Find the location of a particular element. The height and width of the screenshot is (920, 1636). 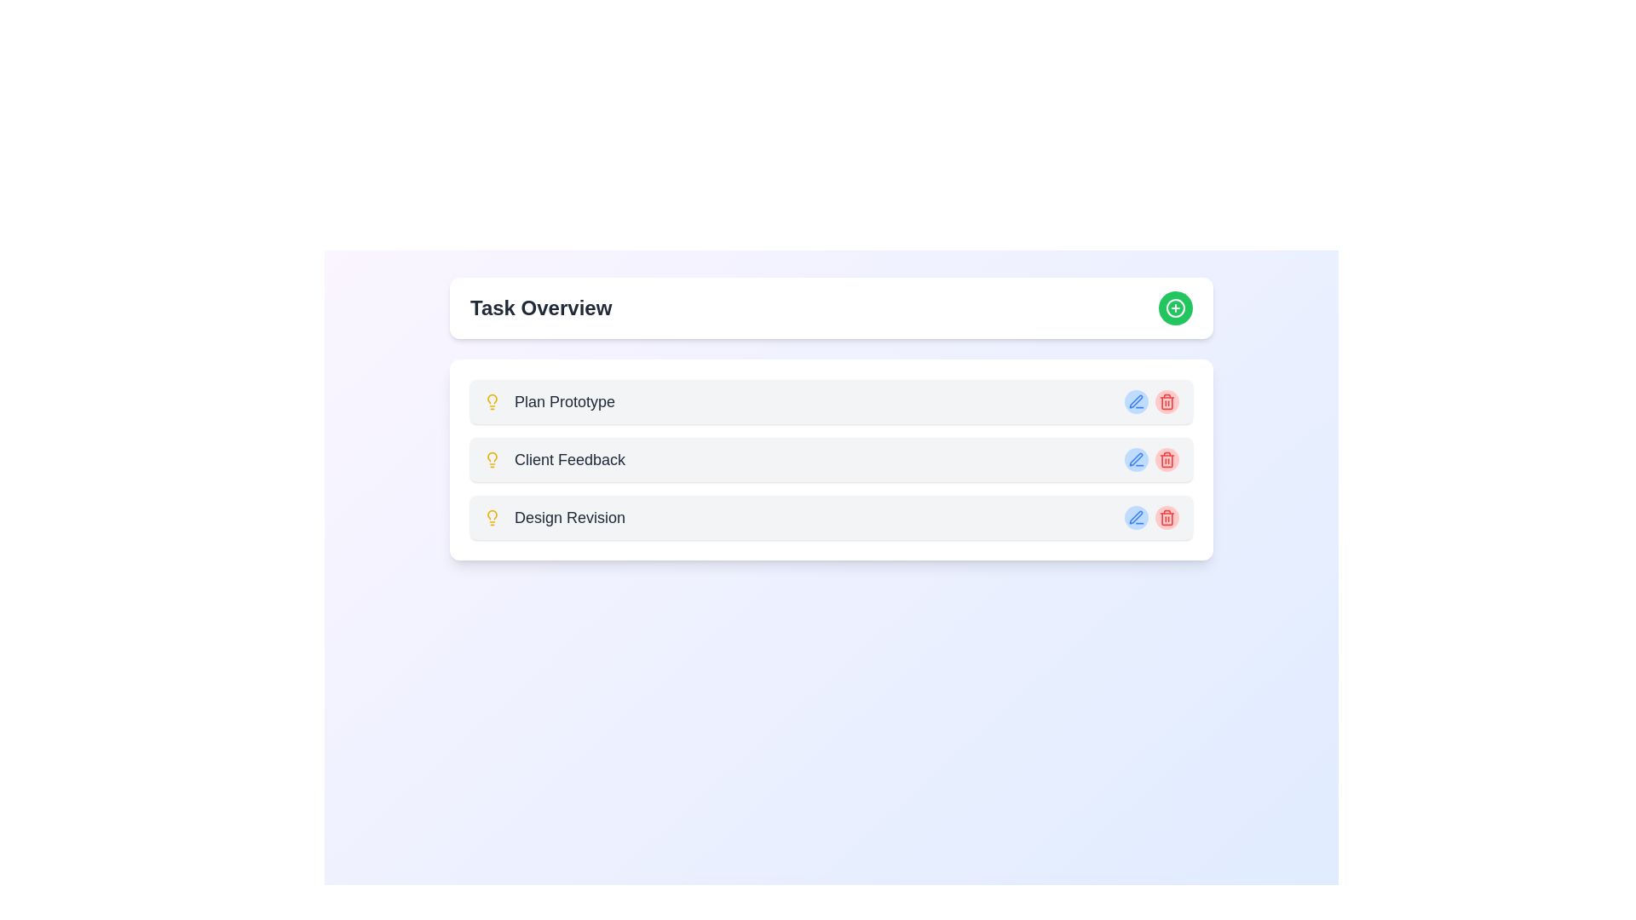

the edit icon located on the right-hand side of the second item in the task list is located at coordinates (1136, 458).